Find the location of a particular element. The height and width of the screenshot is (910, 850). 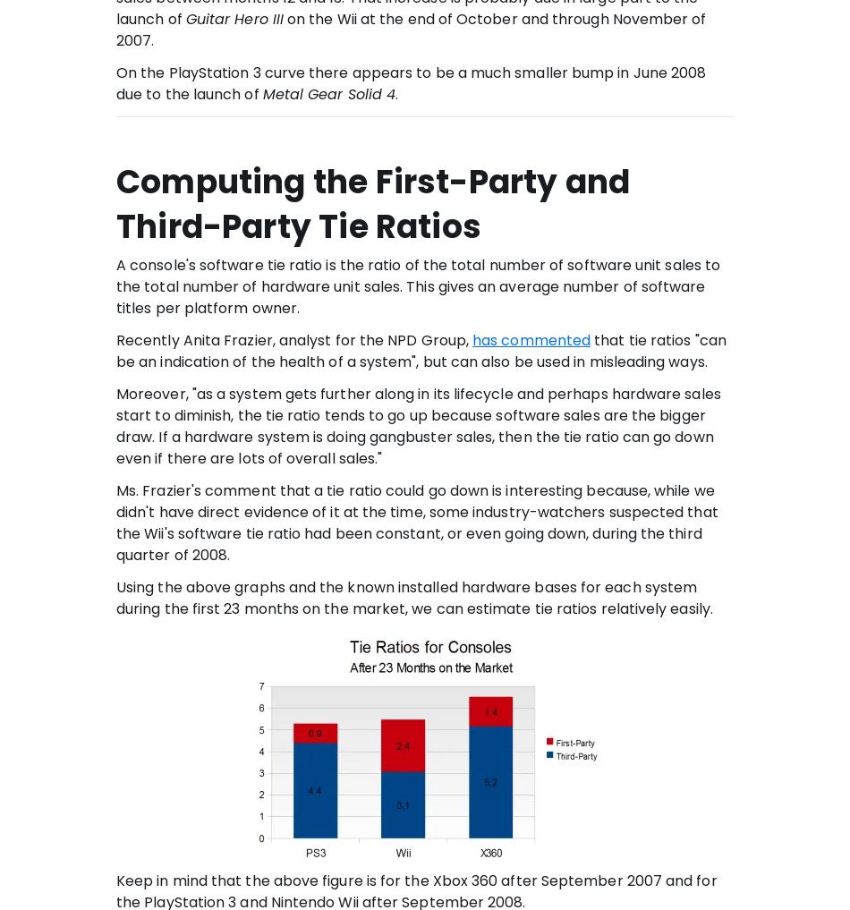

'that tie ratios "can be an indication of the health of a system",
but can also be used in misleading ways.' is located at coordinates (420, 349).